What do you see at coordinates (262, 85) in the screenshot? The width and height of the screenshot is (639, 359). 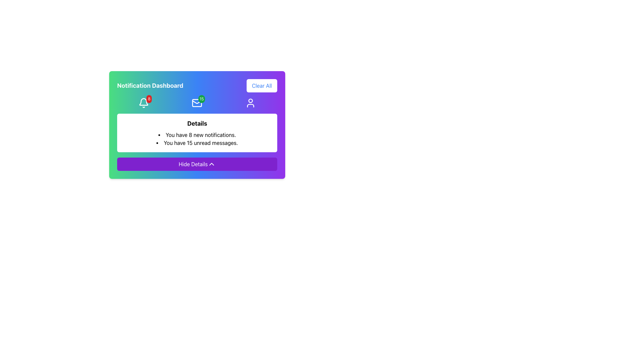 I see `the 'Clear All' button located at the far-right corner of the header bar to clear notifications` at bounding box center [262, 85].